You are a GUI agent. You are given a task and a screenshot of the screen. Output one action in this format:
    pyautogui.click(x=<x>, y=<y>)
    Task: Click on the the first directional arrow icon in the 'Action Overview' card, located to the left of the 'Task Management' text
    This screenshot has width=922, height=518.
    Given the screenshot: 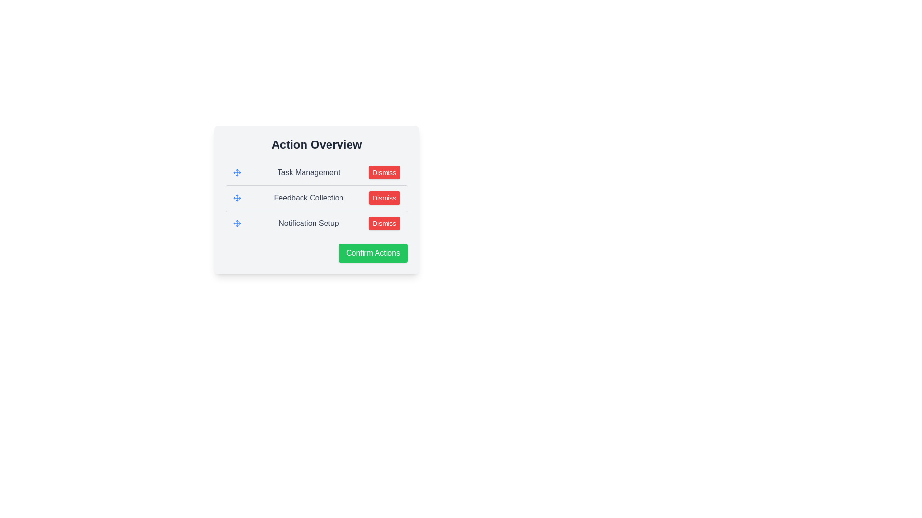 What is the action you would take?
    pyautogui.click(x=237, y=172)
    